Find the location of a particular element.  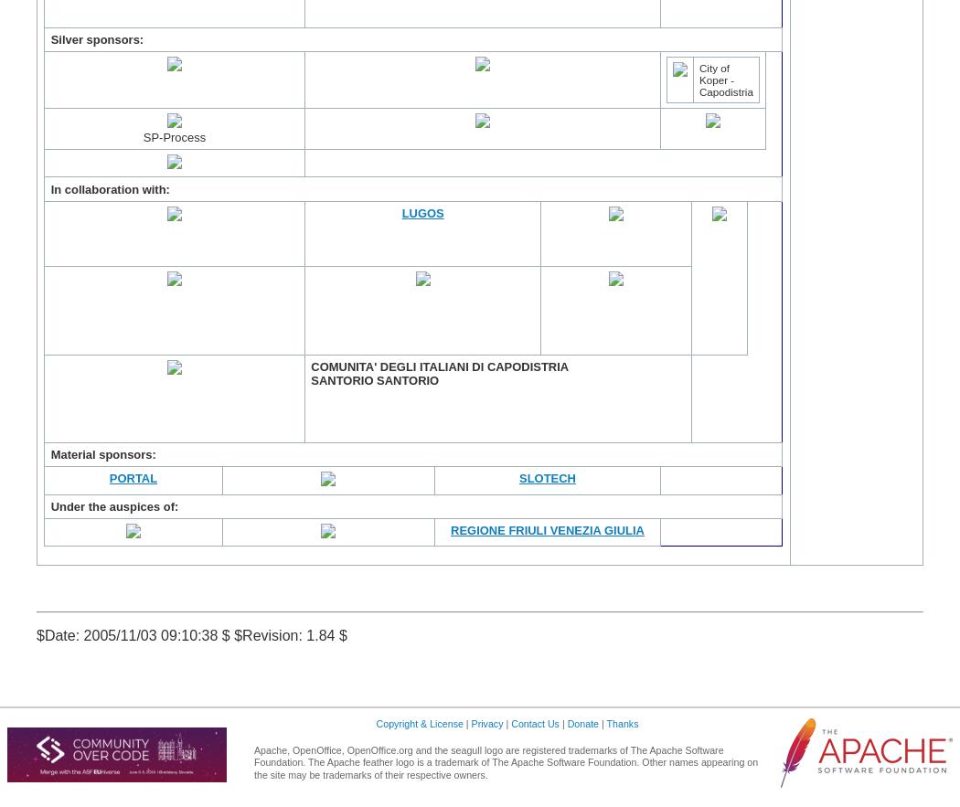

'SP-Process' is located at coordinates (143, 136).